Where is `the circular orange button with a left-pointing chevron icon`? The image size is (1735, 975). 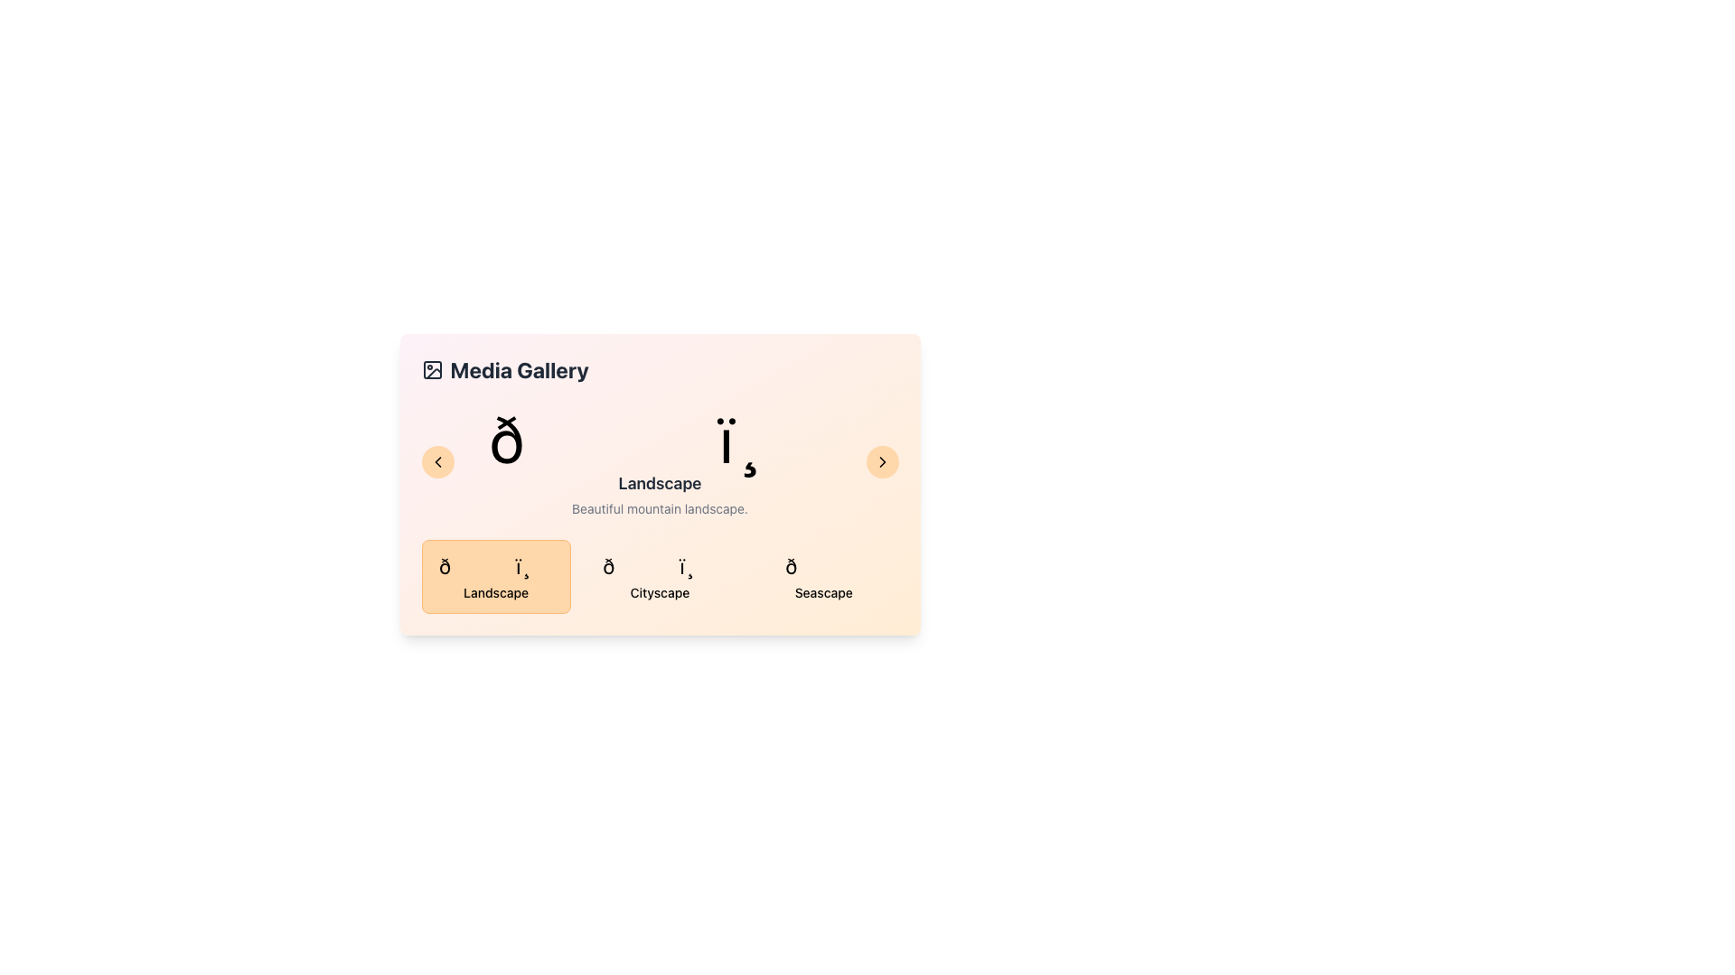 the circular orange button with a left-pointing chevron icon is located at coordinates (437, 461).